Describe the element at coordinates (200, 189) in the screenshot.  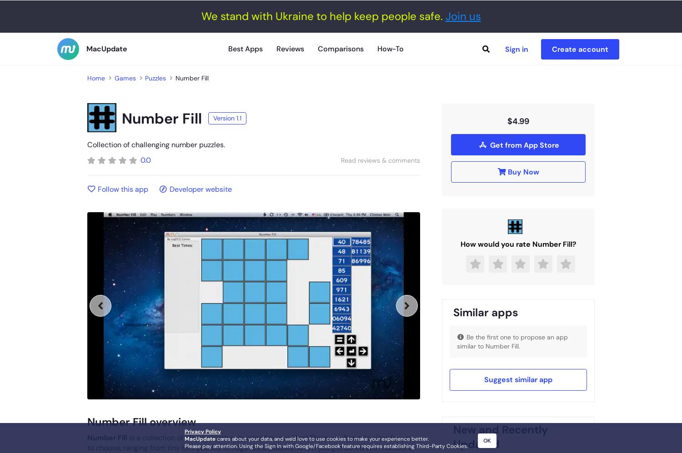
I see `'Developer website'` at that location.